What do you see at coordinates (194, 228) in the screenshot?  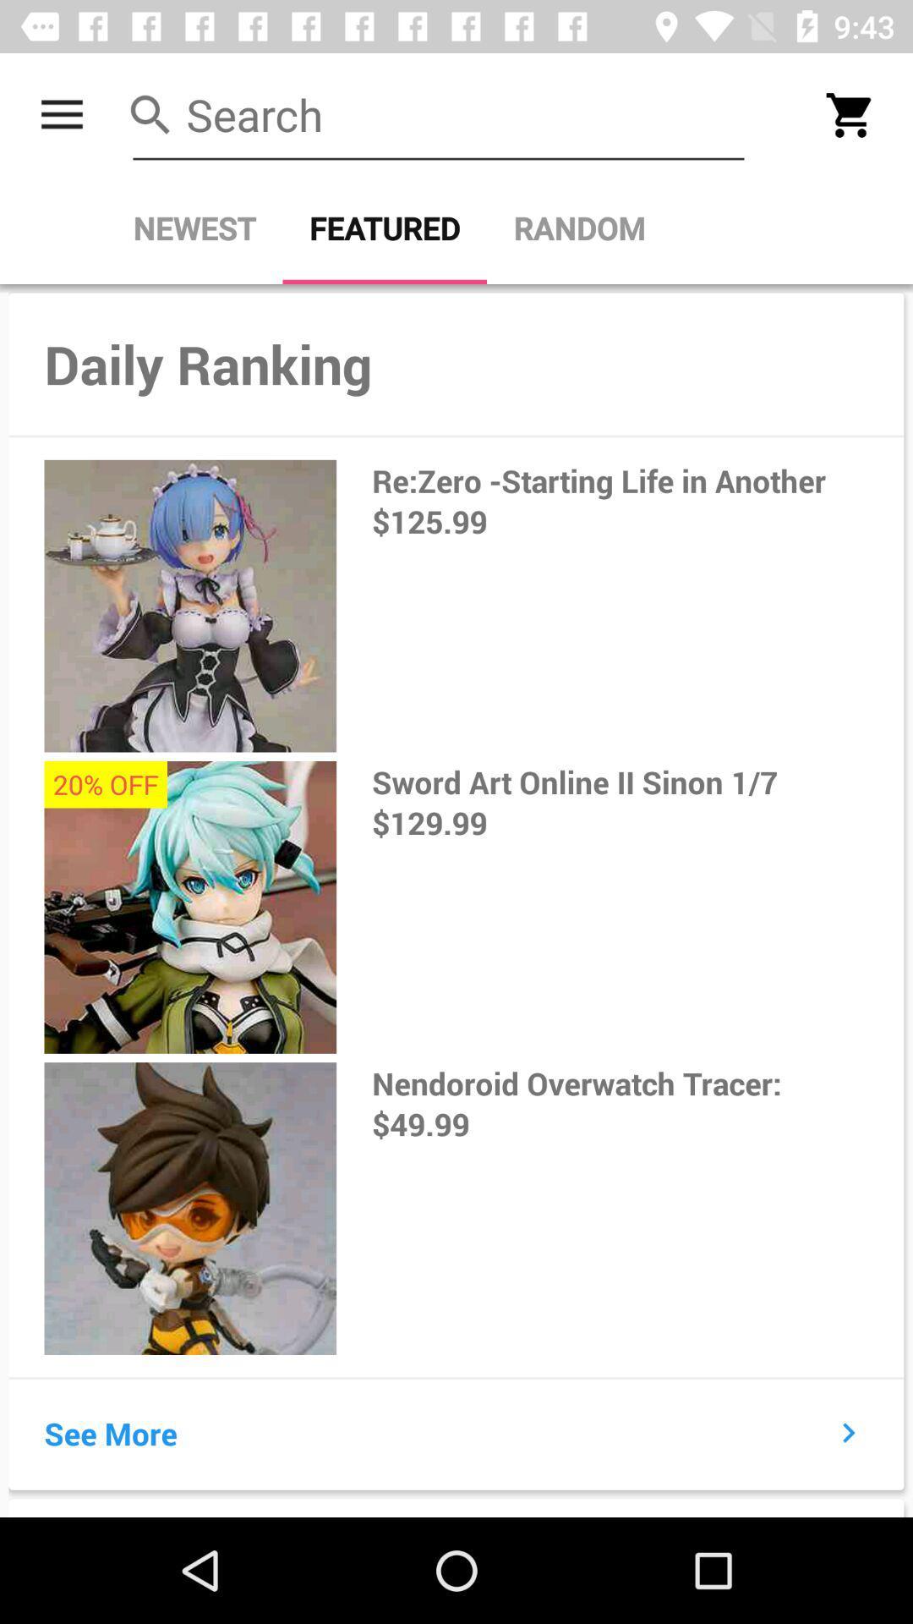 I see `item to the left of featured` at bounding box center [194, 228].